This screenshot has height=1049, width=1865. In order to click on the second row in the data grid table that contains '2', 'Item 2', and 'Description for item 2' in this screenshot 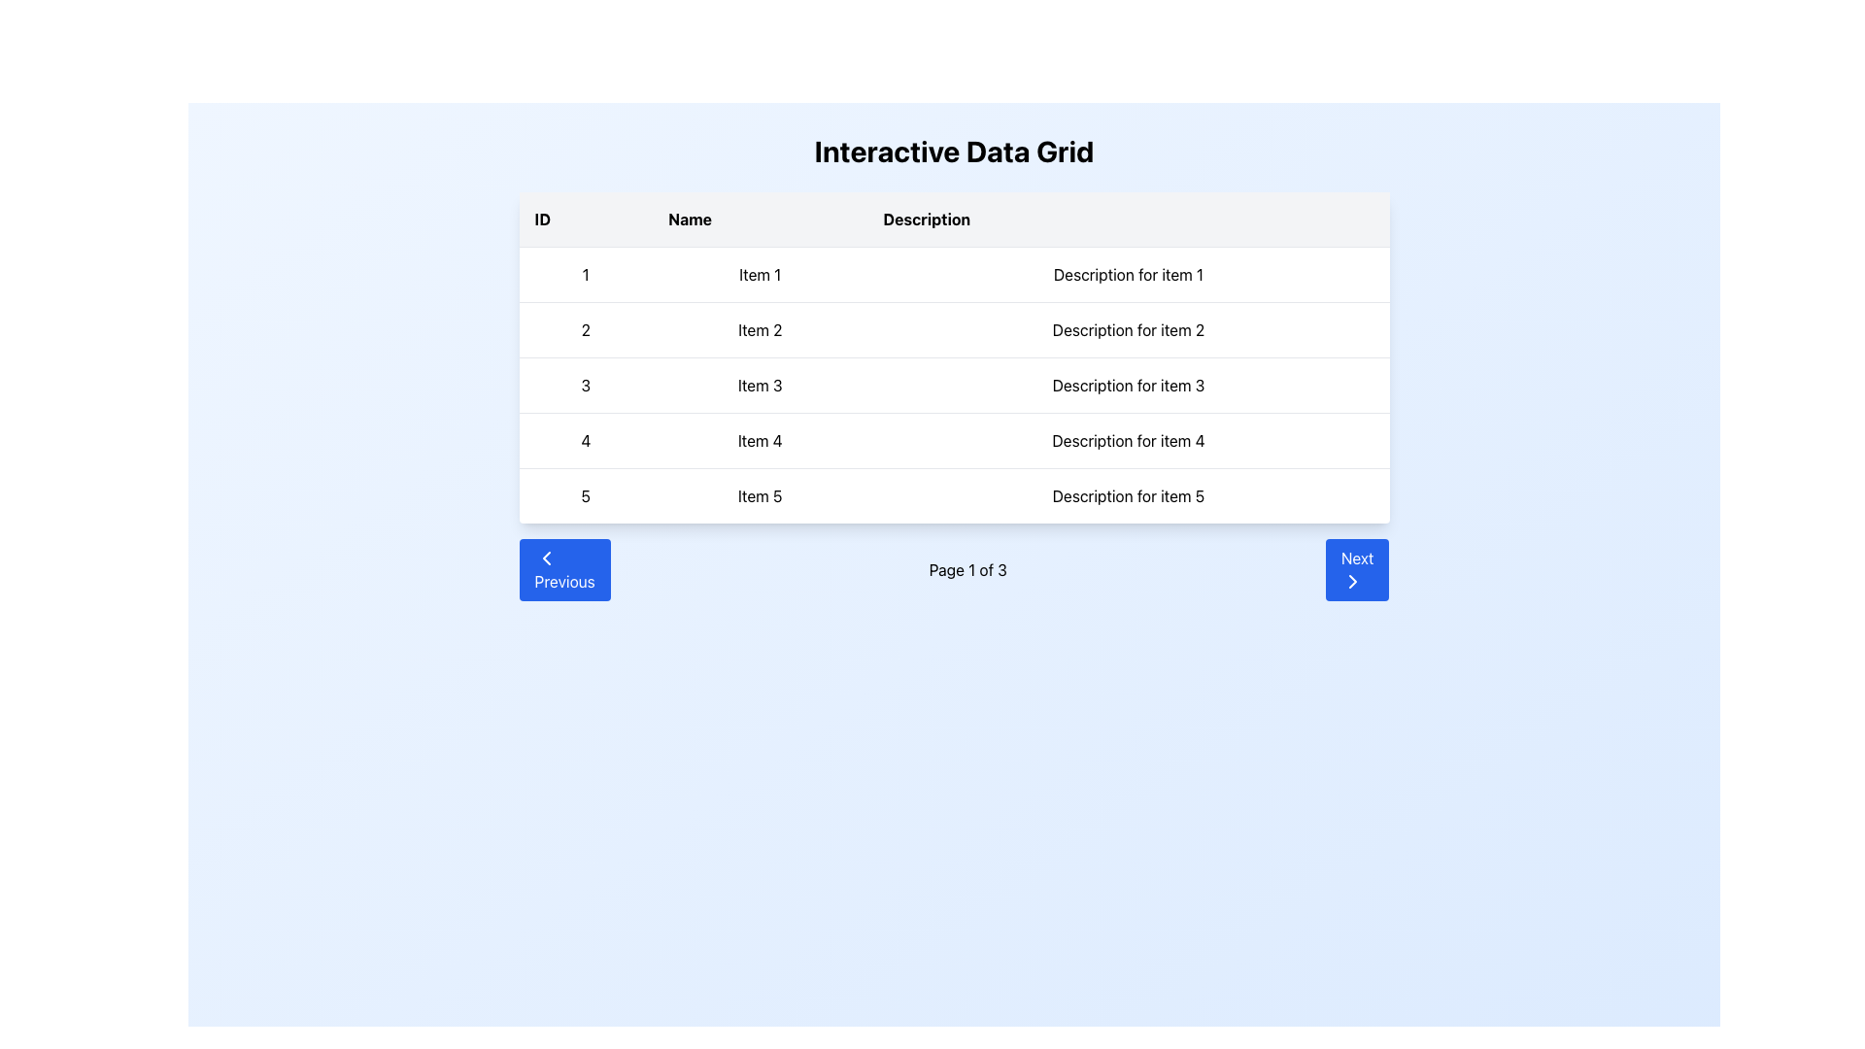, I will do `click(954, 328)`.